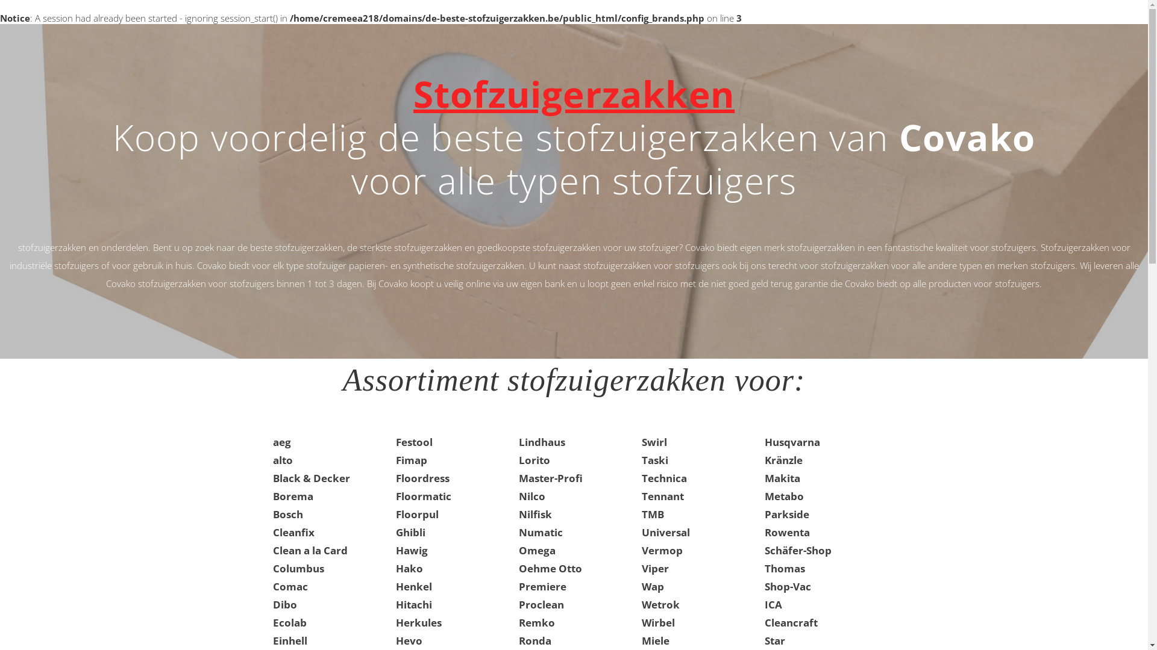 The image size is (1157, 650). What do you see at coordinates (289, 586) in the screenshot?
I see `'Comac'` at bounding box center [289, 586].